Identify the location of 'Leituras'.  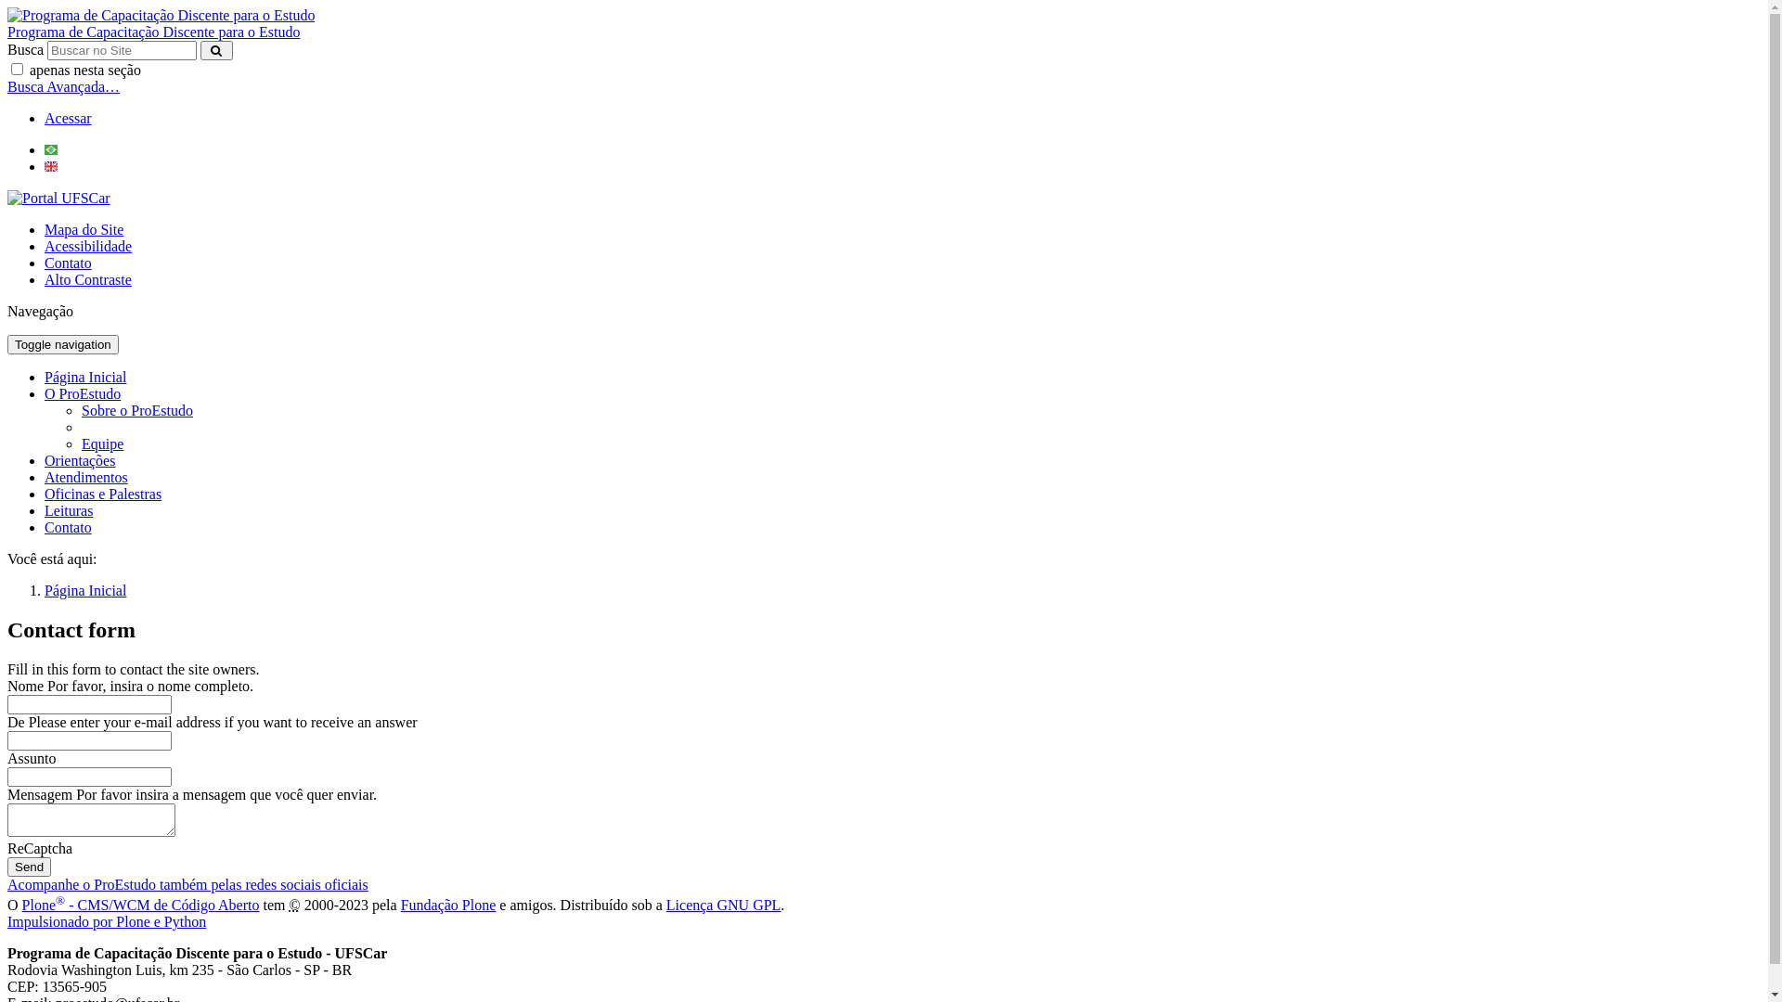
(68, 510).